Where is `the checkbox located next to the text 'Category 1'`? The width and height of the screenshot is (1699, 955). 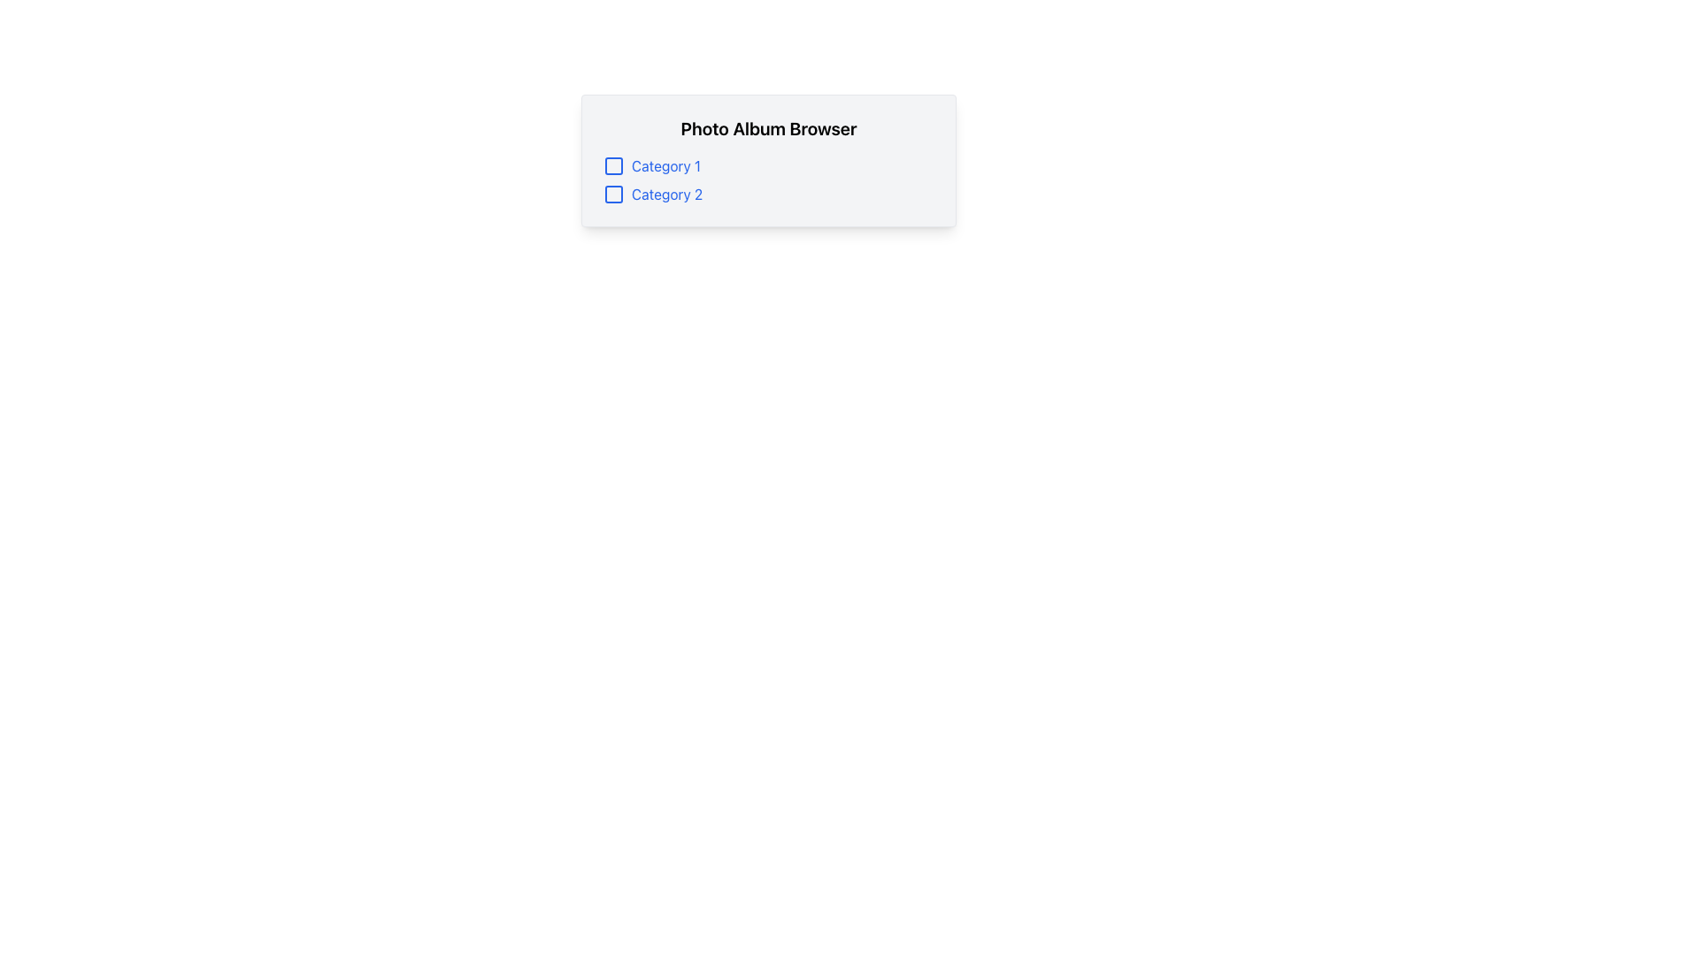 the checkbox located next to the text 'Category 1' is located at coordinates (614, 166).